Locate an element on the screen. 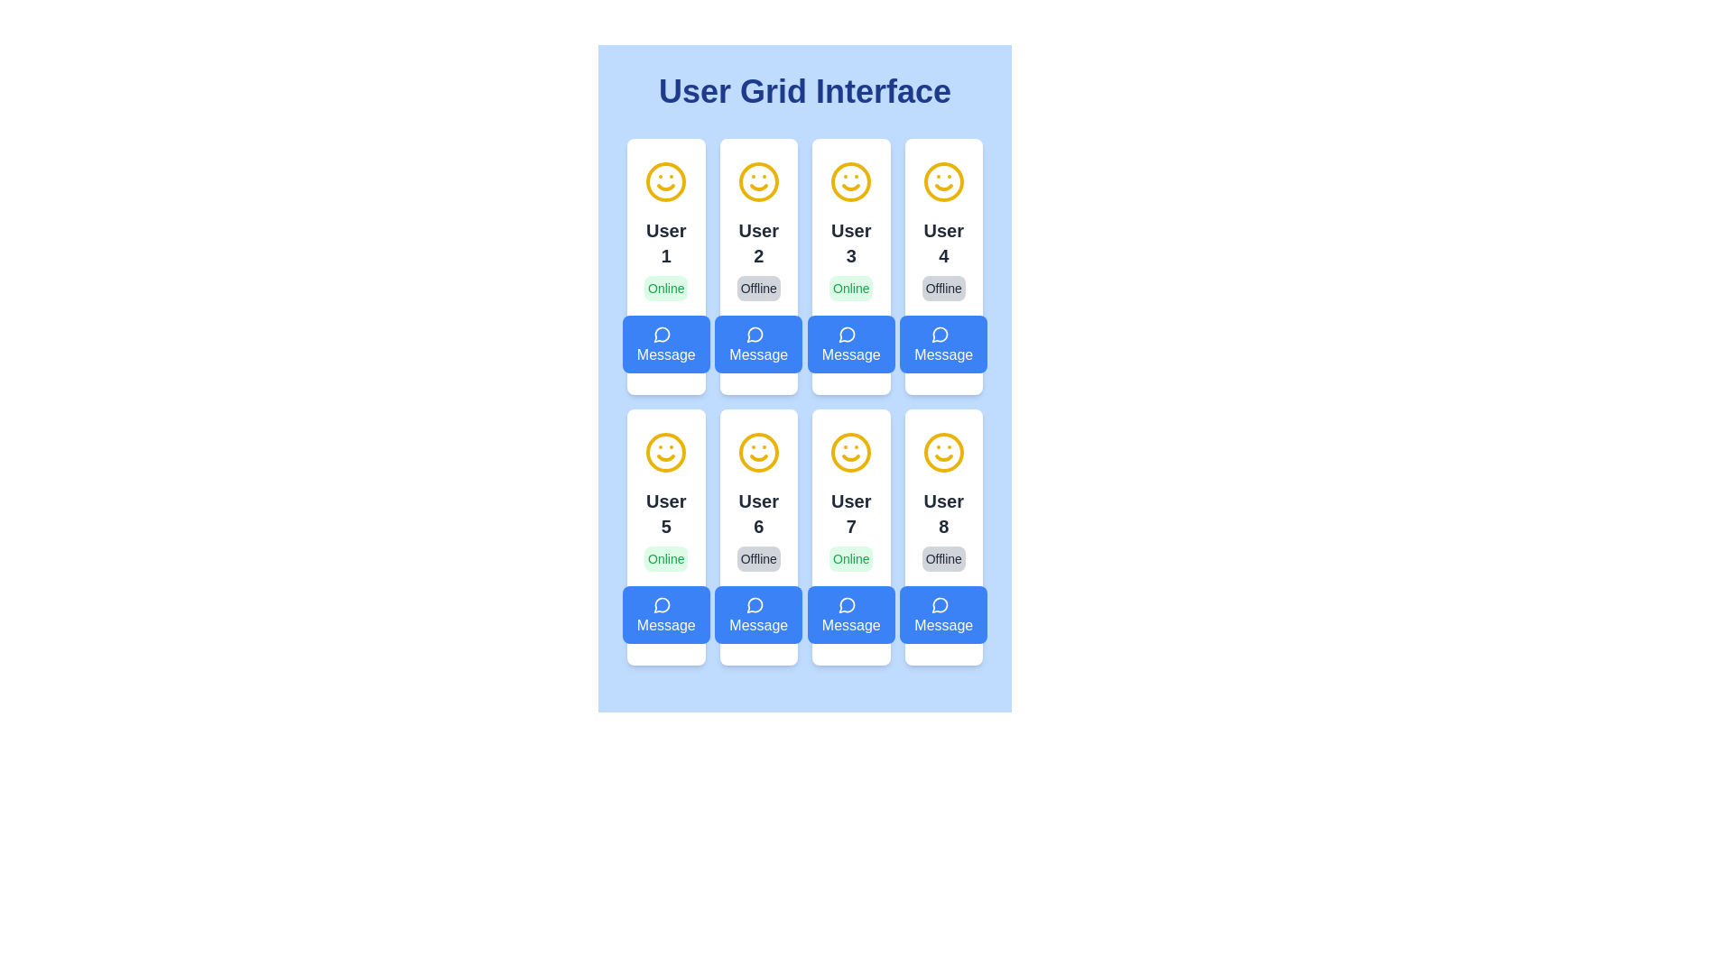  the 'Message' button located in the bottom-left corner of the grid interface under the 'User 5' card is located at coordinates (662, 604).